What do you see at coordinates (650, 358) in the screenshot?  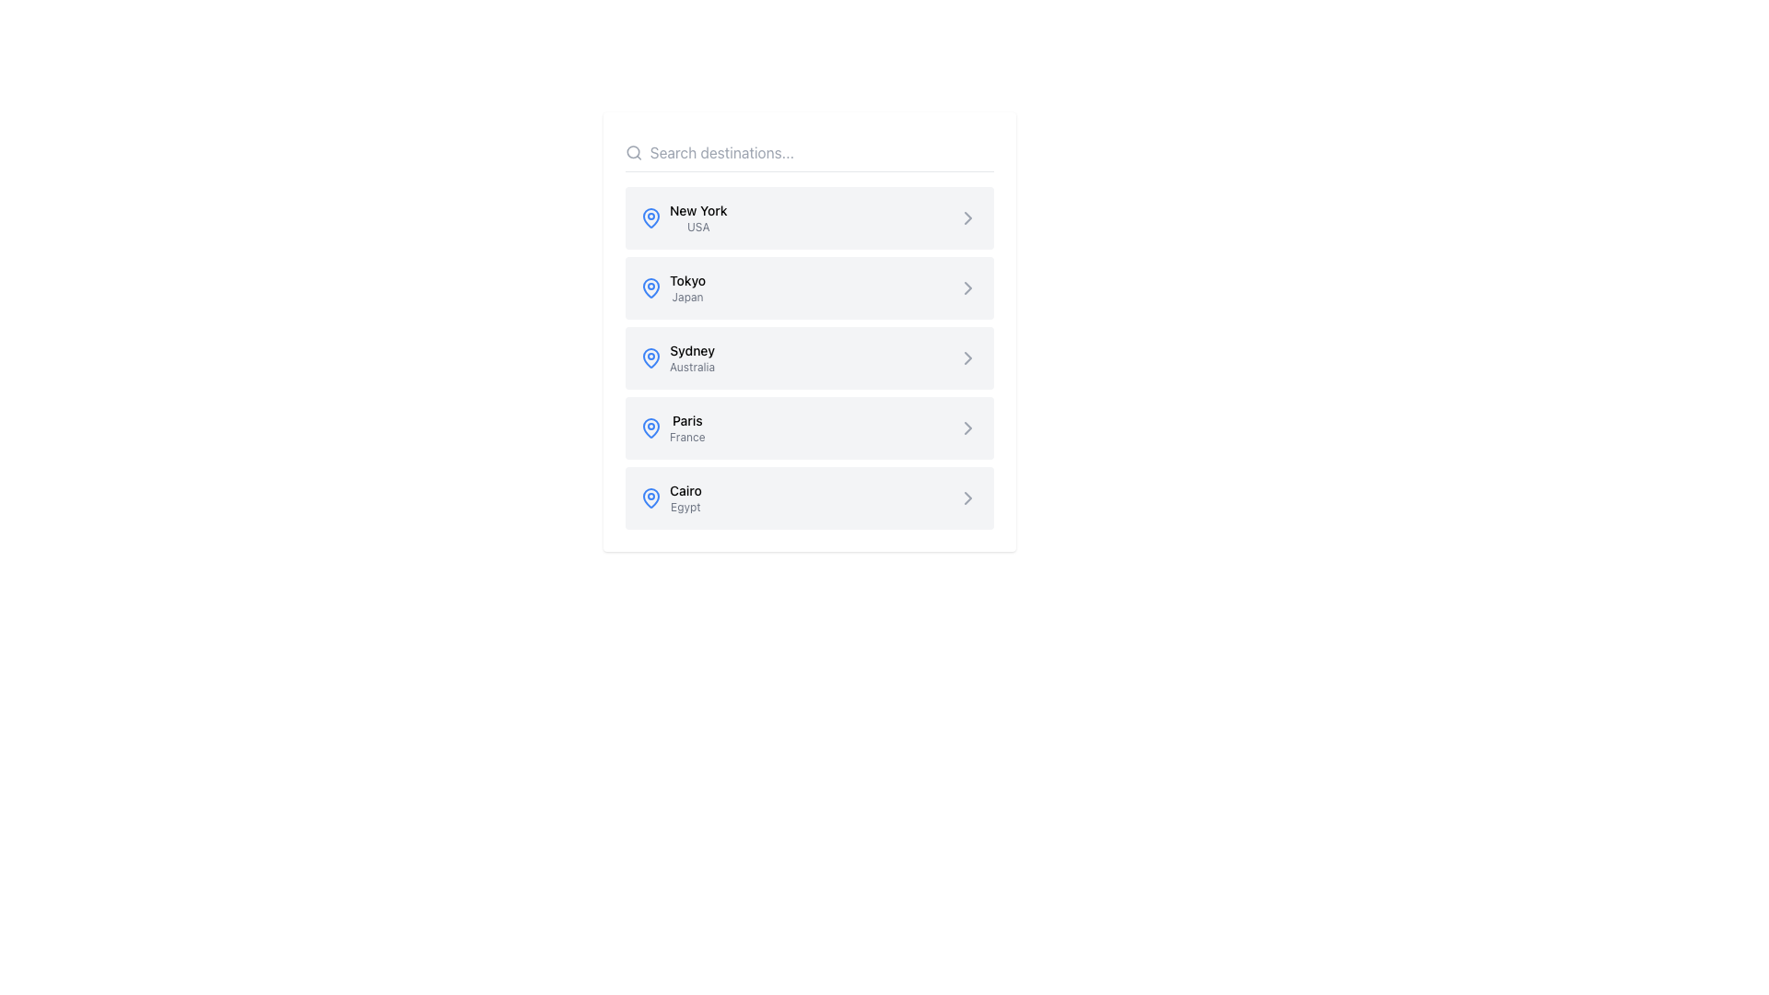 I see `the blue map pin icon located to the left of the 'Sydney' text label in the third list item of the destinations list` at bounding box center [650, 358].